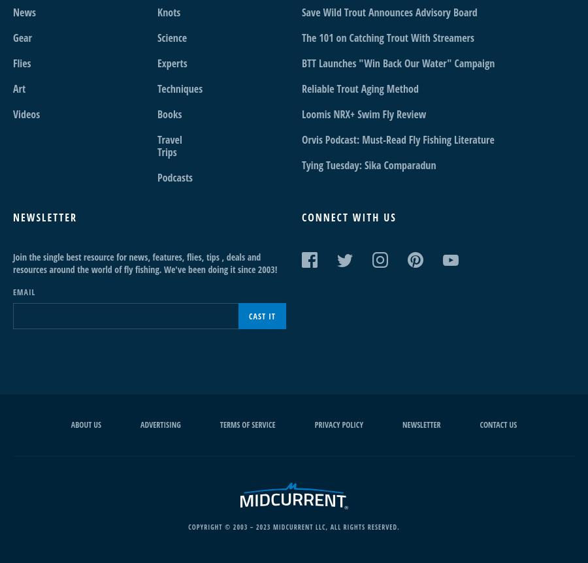 The image size is (588, 563). Describe the element at coordinates (169, 140) in the screenshot. I see `'Travel'` at that location.